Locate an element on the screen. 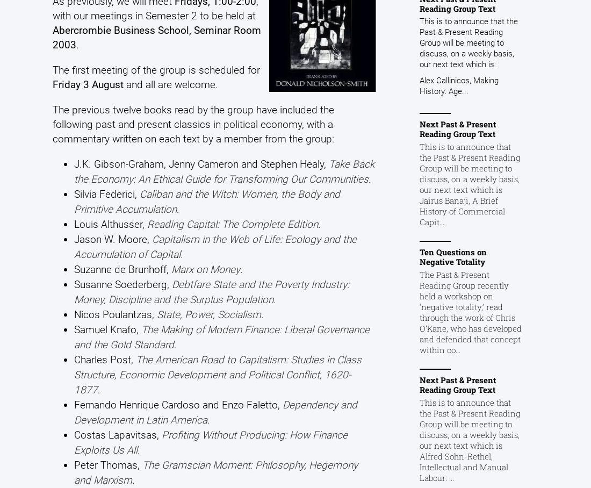 This screenshot has height=488, width=591. 'Peter Thomas,' is located at coordinates (107, 464).